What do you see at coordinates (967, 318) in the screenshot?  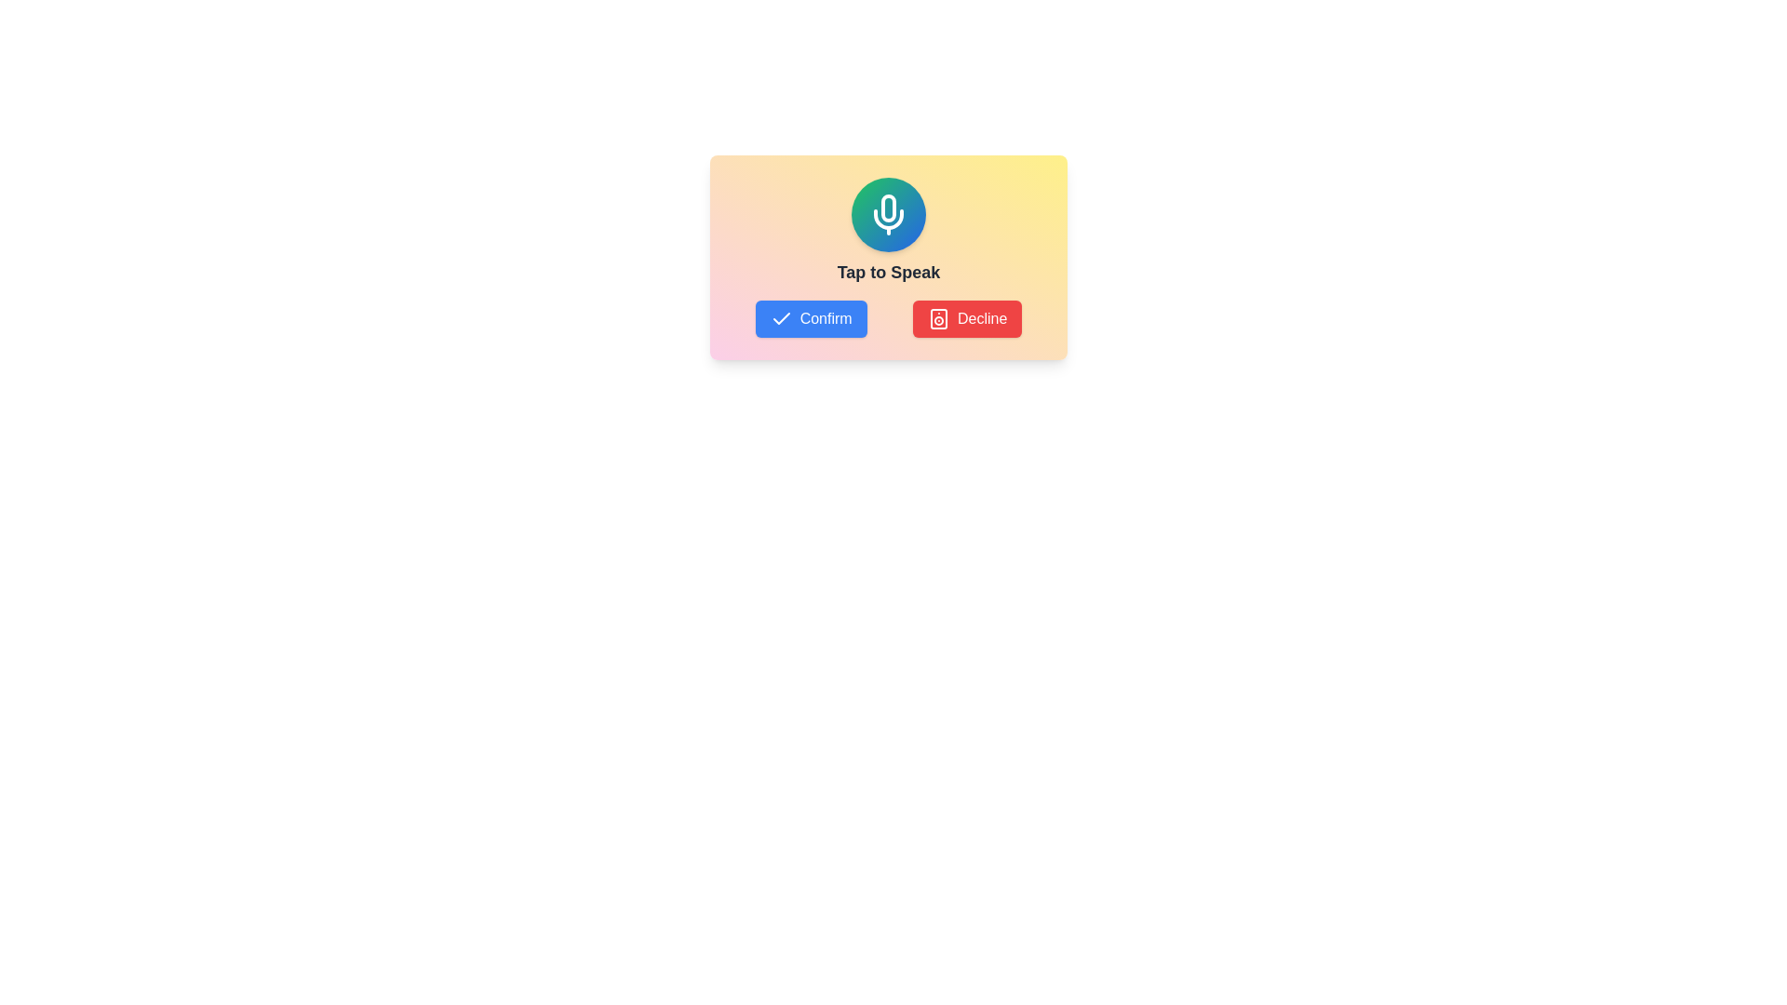 I see `the 'Decline' button, which is styled with a red background and white text, to observe any potential hover effect` at bounding box center [967, 318].